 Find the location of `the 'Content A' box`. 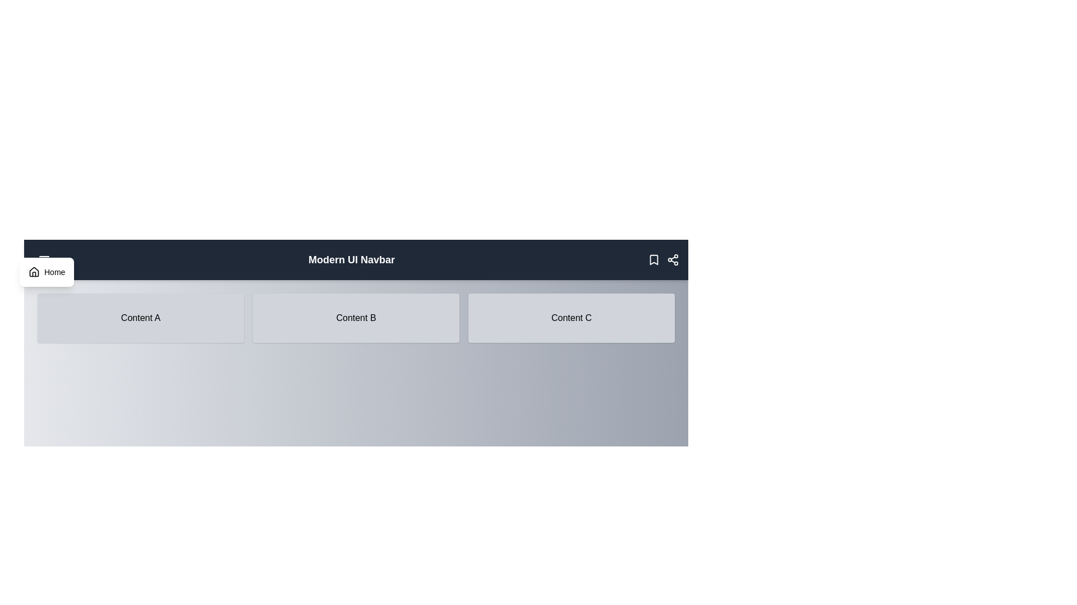

the 'Content A' box is located at coordinates (140, 318).